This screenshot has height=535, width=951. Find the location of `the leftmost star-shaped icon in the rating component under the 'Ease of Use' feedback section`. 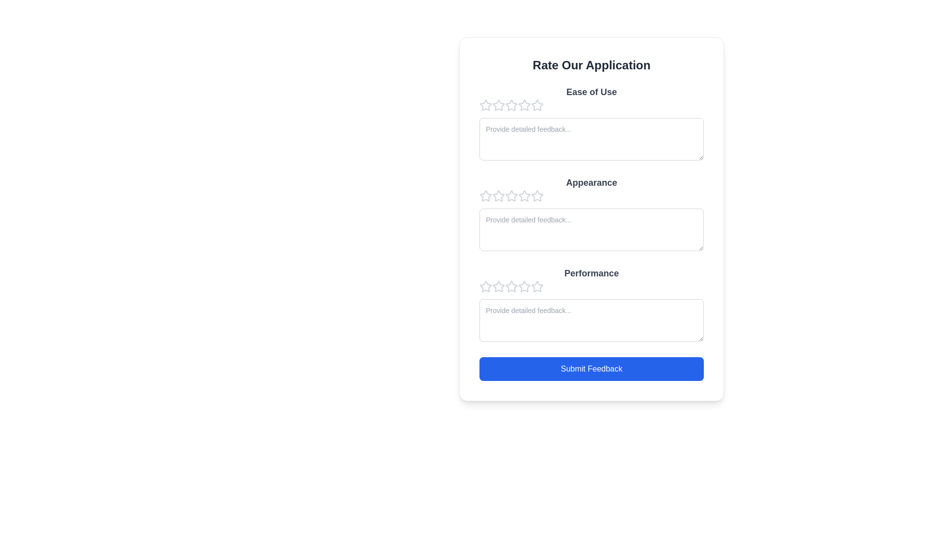

the leftmost star-shaped icon in the rating component under the 'Ease of Use' feedback section is located at coordinates (485, 105).